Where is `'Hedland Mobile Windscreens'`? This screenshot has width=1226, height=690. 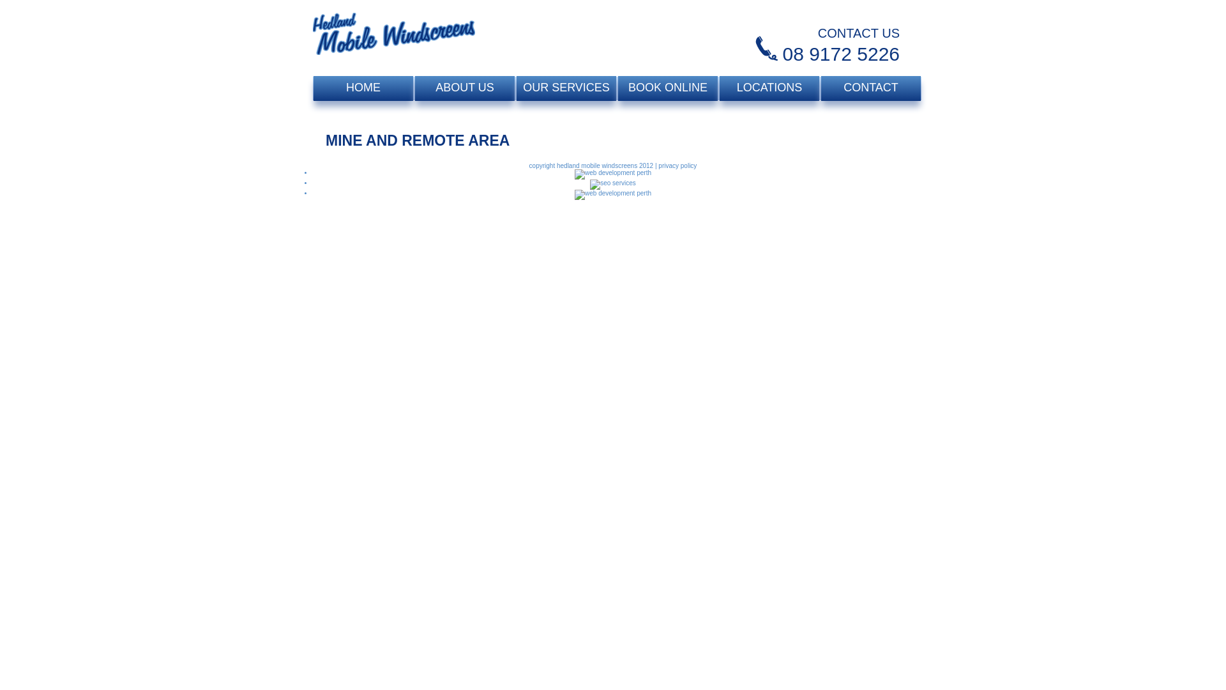 'Hedland Mobile Windscreens' is located at coordinates (393, 38).